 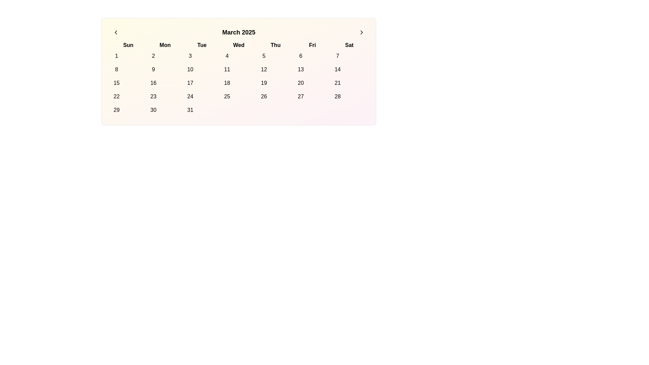 I want to click on the Circular calendar date button for March 17, 2025, so click(x=190, y=83).